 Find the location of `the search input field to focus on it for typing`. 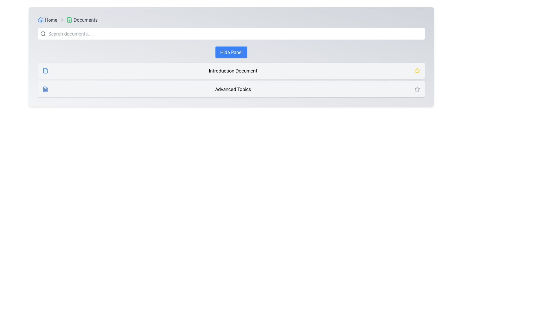

the search input field to focus on it for typing is located at coordinates (231, 34).